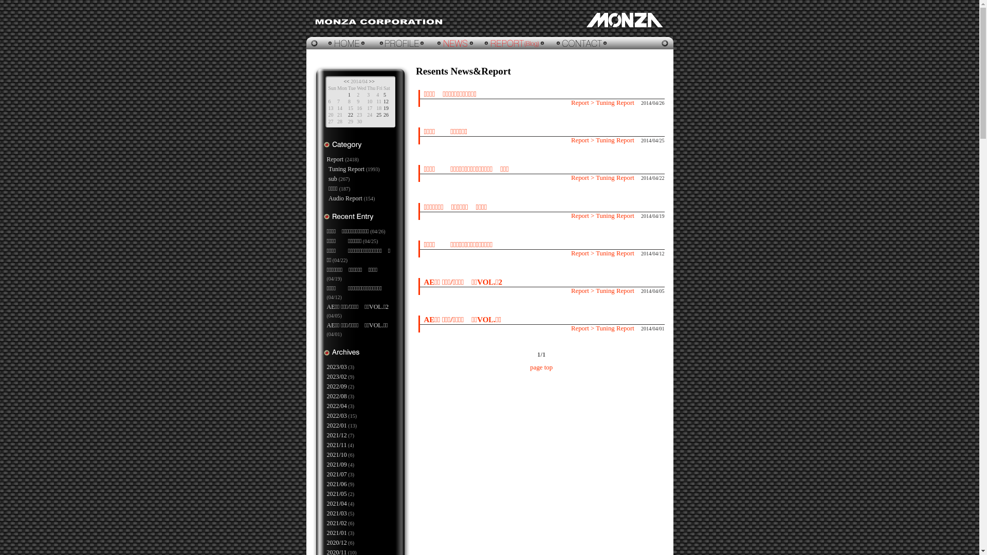  Describe the element at coordinates (337, 415) in the screenshot. I see `'2022/03'` at that location.